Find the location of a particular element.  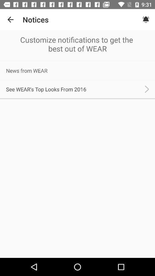

icon next to notices is located at coordinates (10, 20).